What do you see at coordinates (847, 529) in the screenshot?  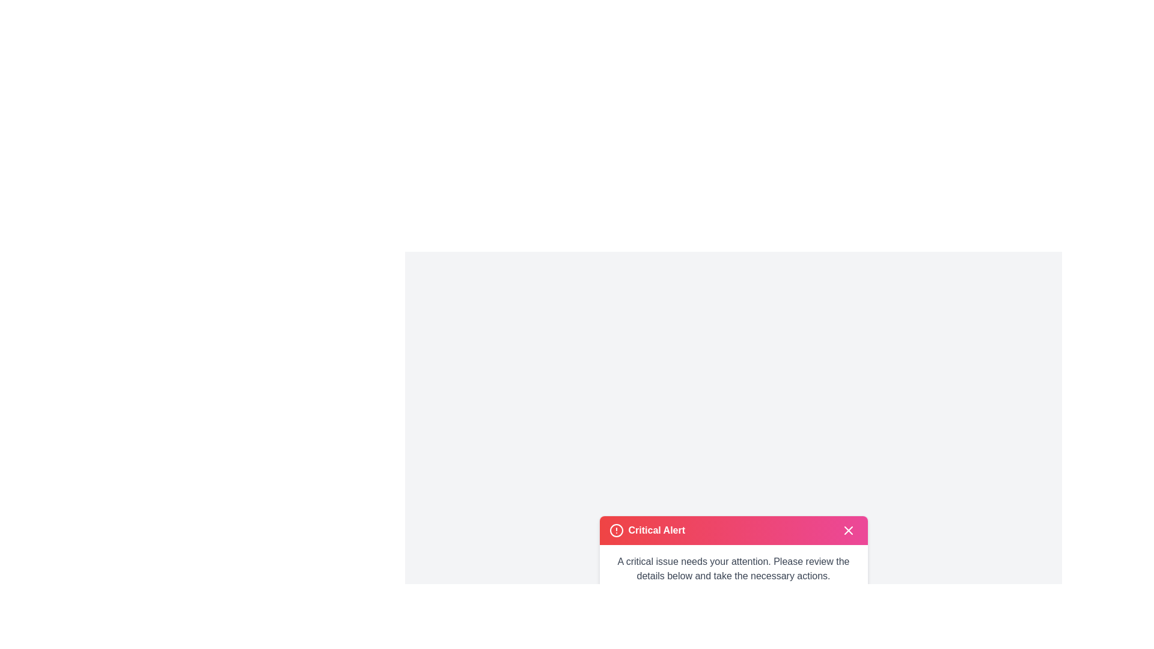 I see `the circular red button with a white 'X' icon located in the critical alert notification bar at the top-right corner` at bounding box center [847, 529].